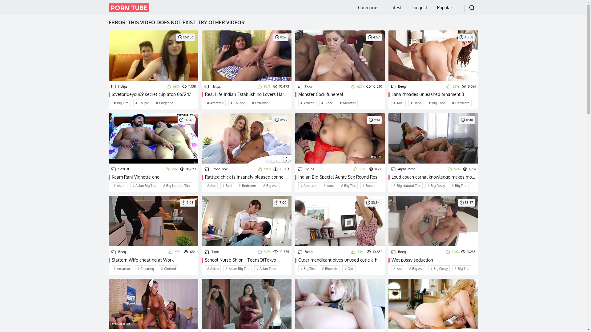  Describe the element at coordinates (444, 7) in the screenshot. I see `'Popular'` at that location.